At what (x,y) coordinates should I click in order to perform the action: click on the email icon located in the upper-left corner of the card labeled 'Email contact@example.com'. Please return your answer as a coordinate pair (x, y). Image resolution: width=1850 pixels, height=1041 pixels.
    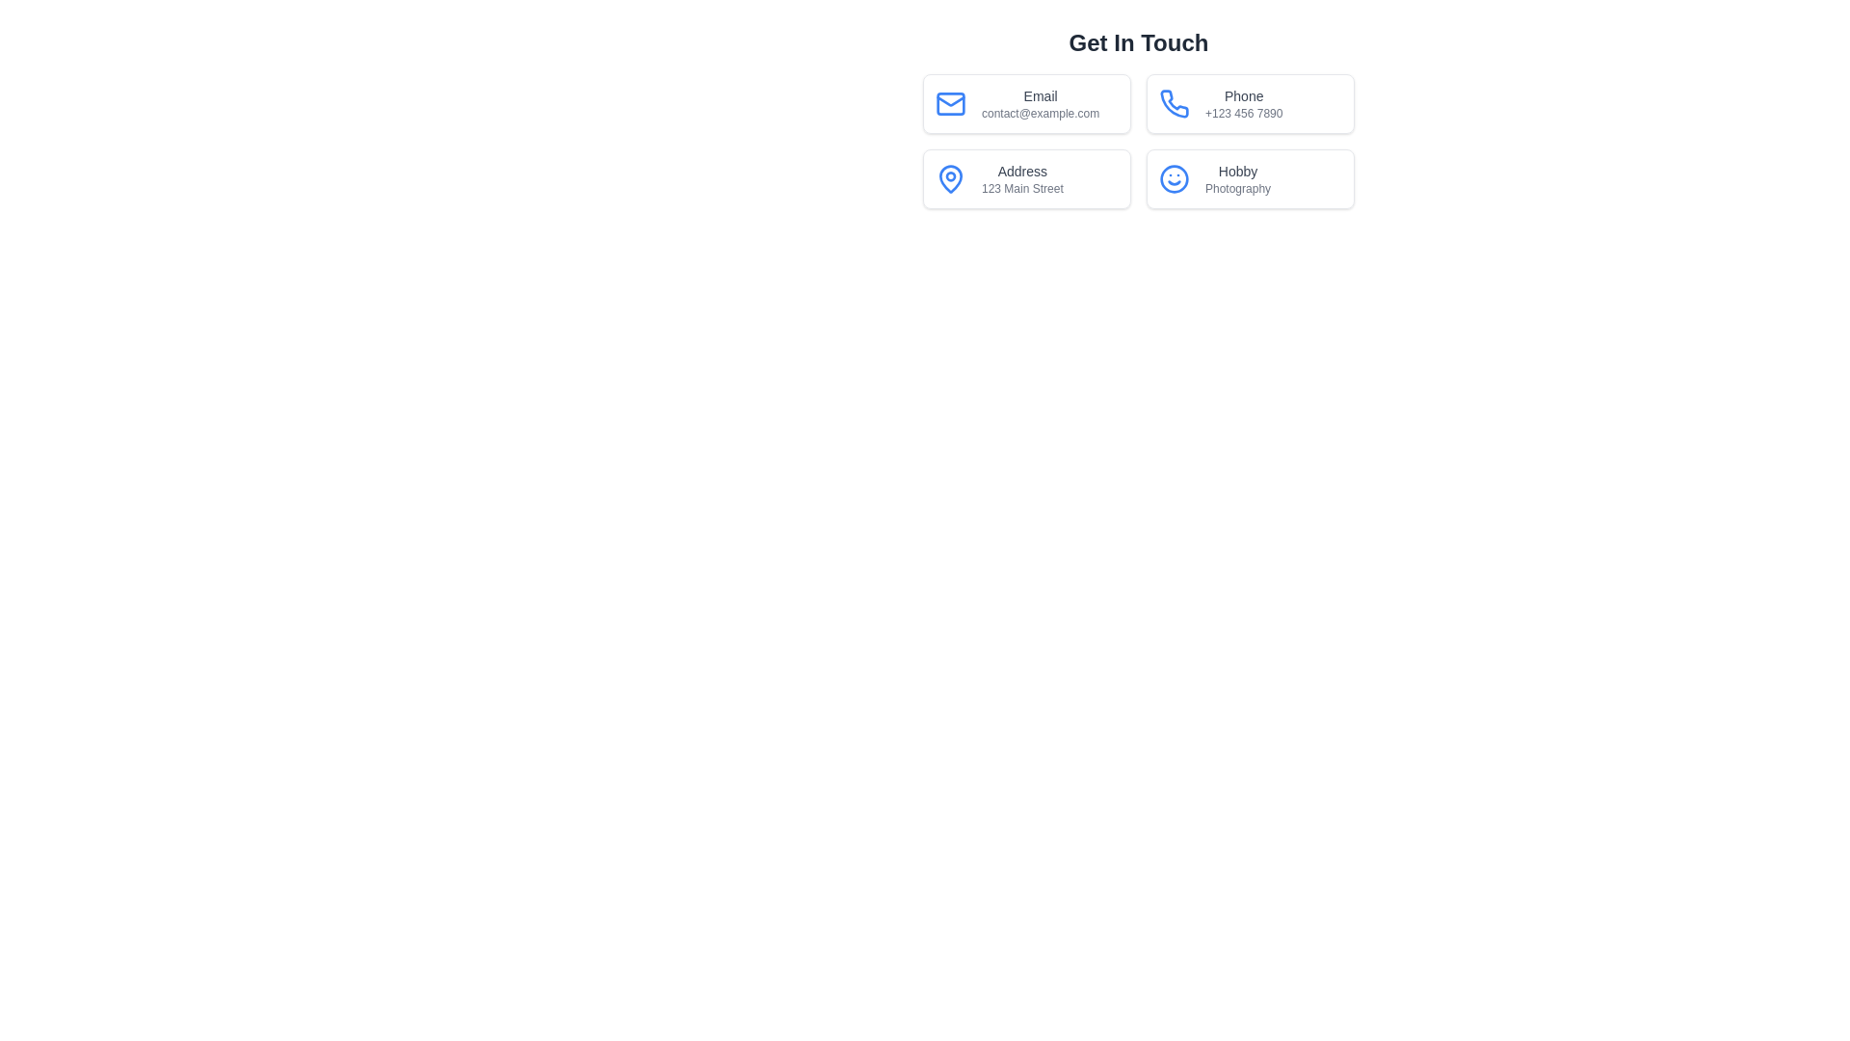
    Looking at the image, I should click on (951, 104).